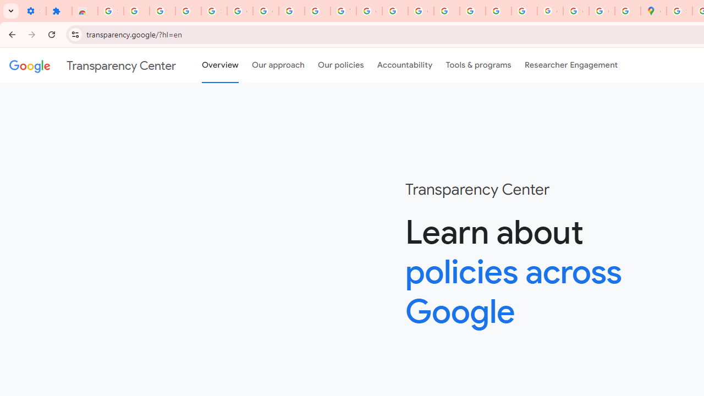 The height and width of the screenshot is (396, 704). I want to click on 'Reviews: Helix Fruit Jump Arcade Game', so click(84, 11).